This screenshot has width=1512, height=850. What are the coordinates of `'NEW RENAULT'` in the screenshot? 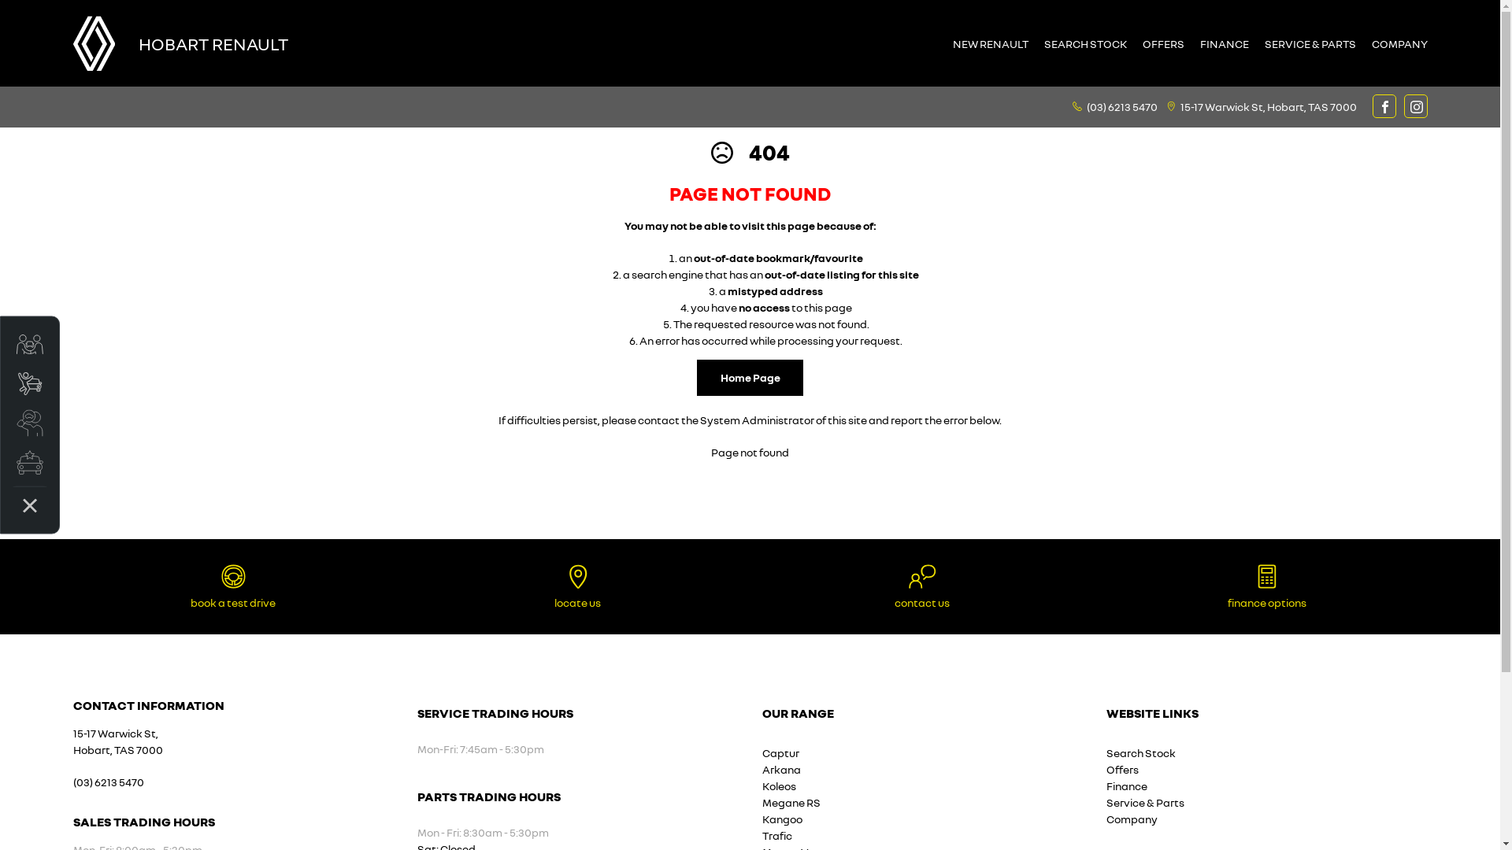 It's located at (989, 42).